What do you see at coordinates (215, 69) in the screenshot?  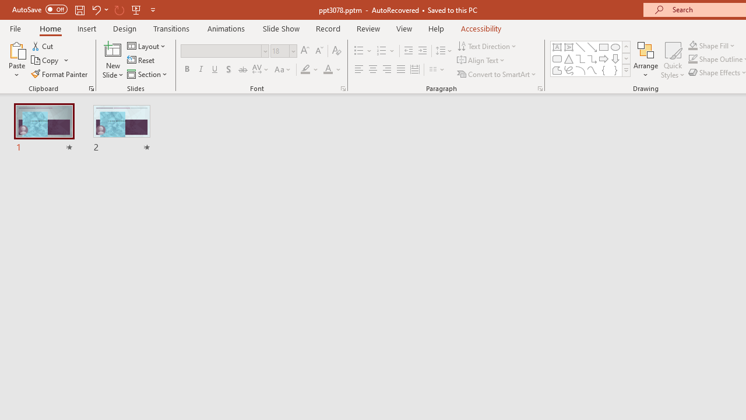 I see `'Underline'` at bounding box center [215, 69].